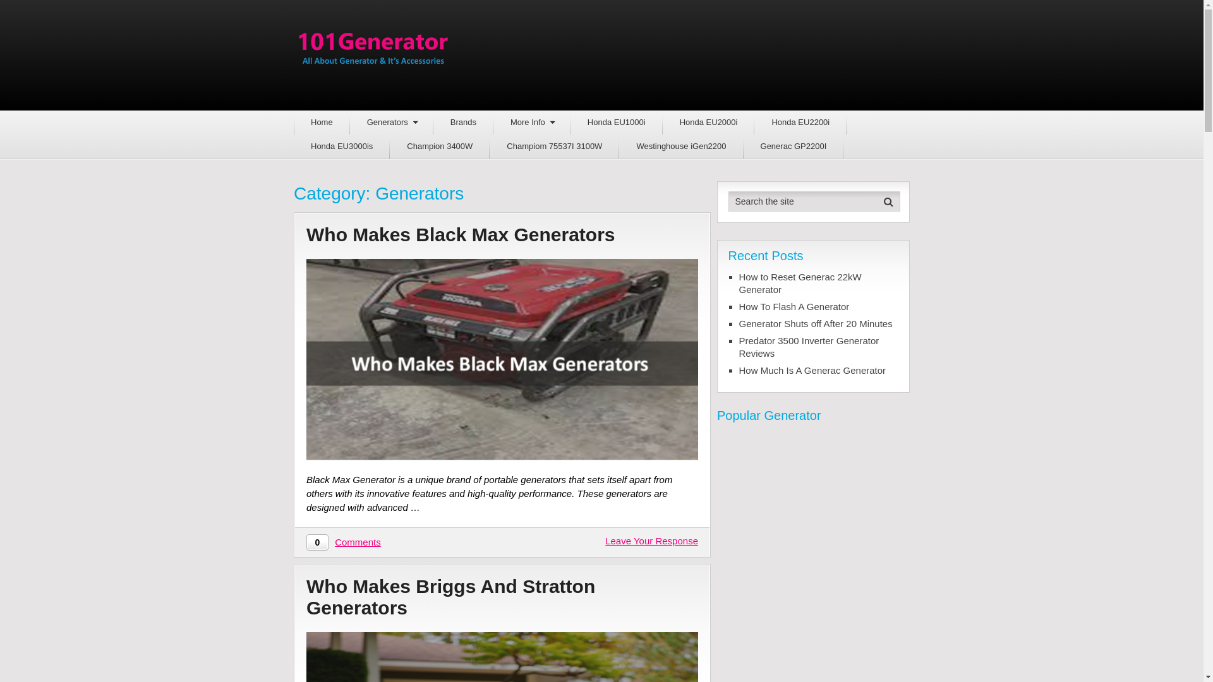 The image size is (1213, 682). What do you see at coordinates (357, 541) in the screenshot?
I see `'Comments'` at bounding box center [357, 541].